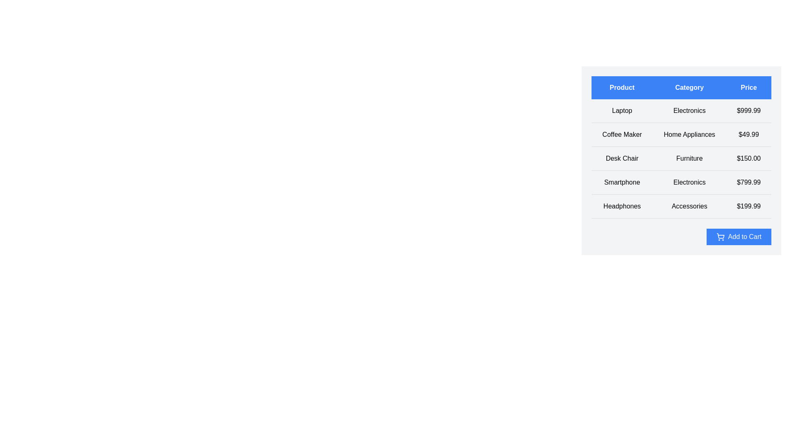  I want to click on the third row of the table containing the cells 'Desk Chair', 'Furniture', and '$150.00', so click(681, 159).